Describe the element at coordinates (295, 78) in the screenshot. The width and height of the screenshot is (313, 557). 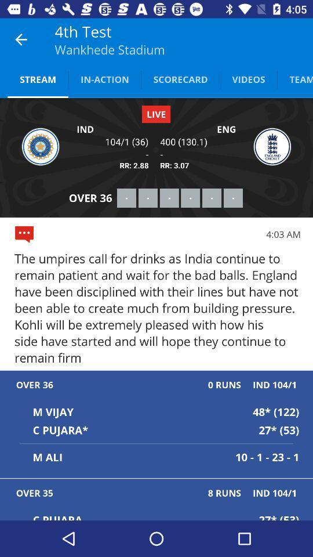
I see `the teams app` at that location.